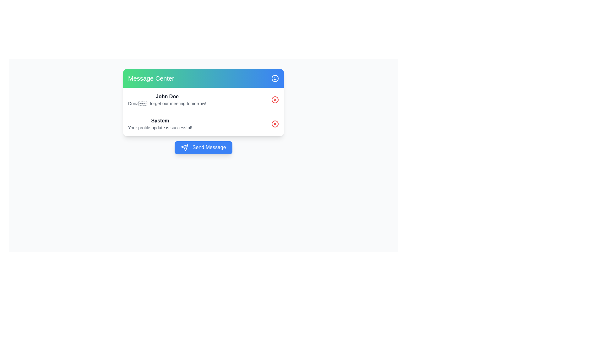 This screenshot has width=603, height=339. I want to click on the Close Button located to the extreme right of the 'System' message in the notification block under the 'Message Center' heading, so click(275, 124).